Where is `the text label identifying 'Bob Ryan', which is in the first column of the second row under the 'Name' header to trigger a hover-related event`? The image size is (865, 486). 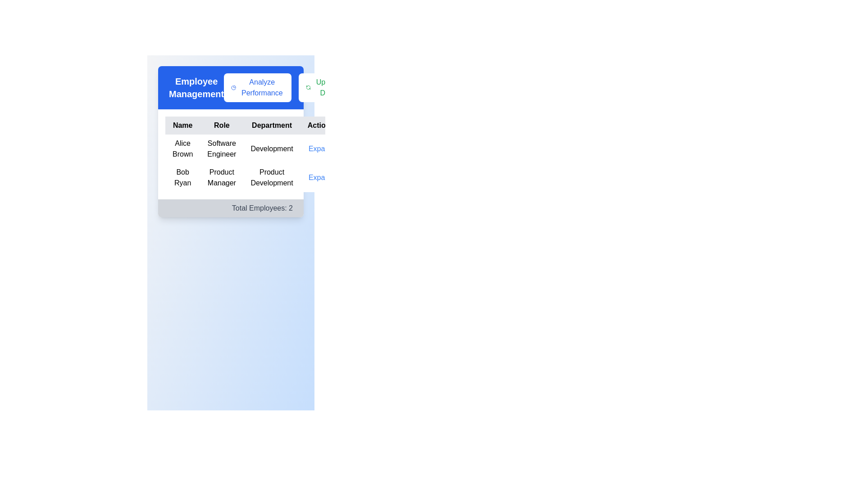
the text label identifying 'Bob Ryan', which is in the first column of the second row under the 'Name' header to trigger a hover-related event is located at coordinates (182, 177).